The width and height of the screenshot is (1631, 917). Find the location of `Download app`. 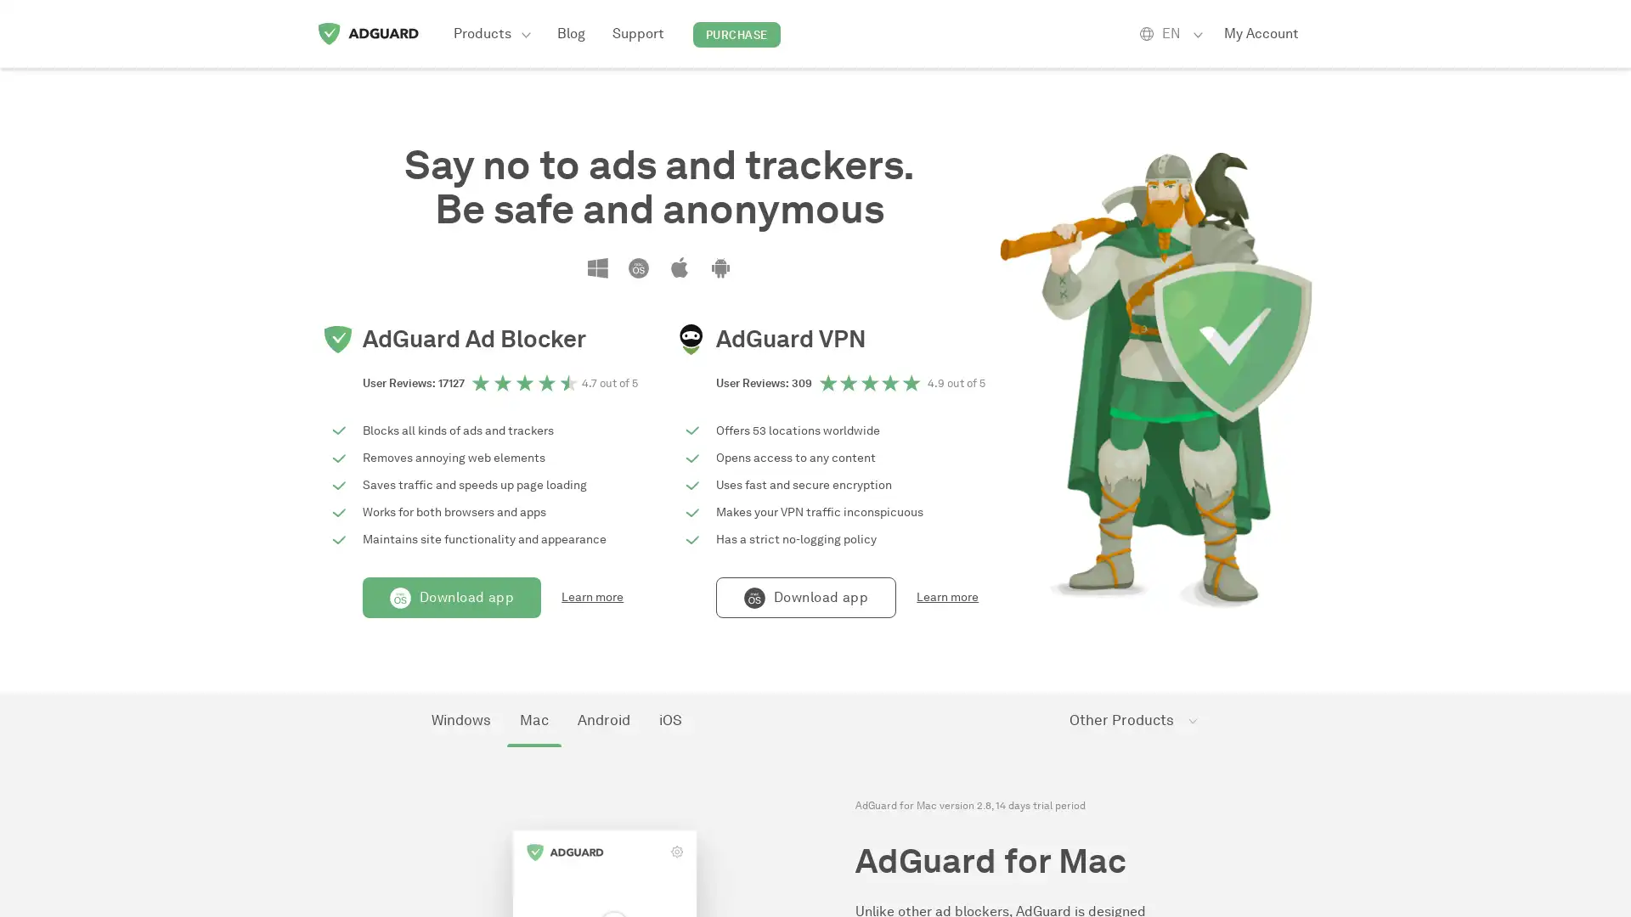

Download app is located at coordinates (452, 597).